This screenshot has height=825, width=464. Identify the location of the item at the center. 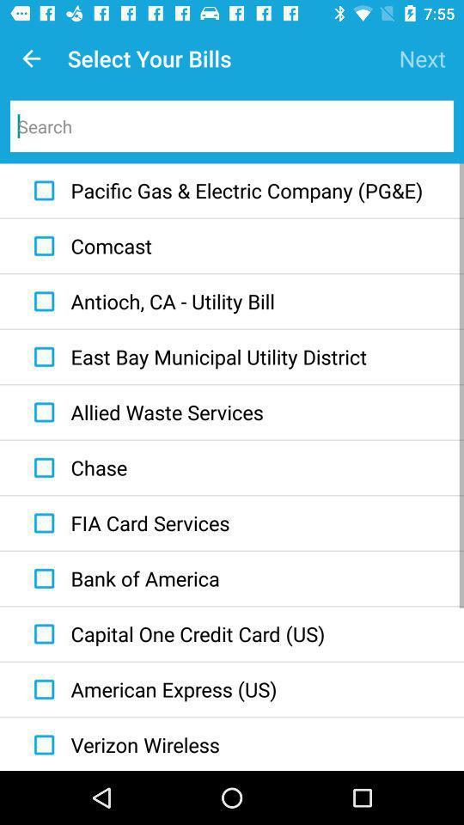
(195, 356).